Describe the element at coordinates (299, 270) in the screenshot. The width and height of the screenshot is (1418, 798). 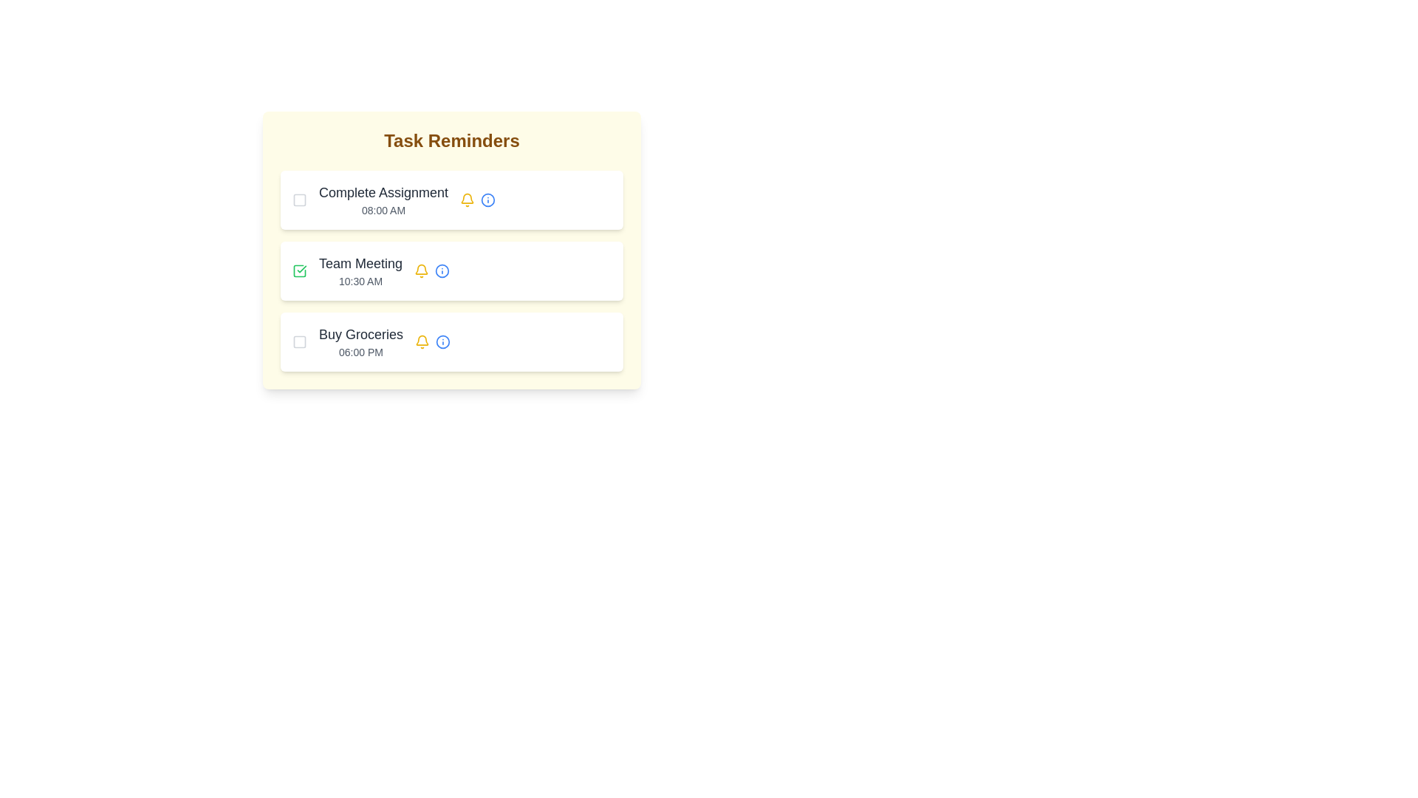
I see `the checkbox associated with the 'Team Meeting 10:30 AM' task` at that location.